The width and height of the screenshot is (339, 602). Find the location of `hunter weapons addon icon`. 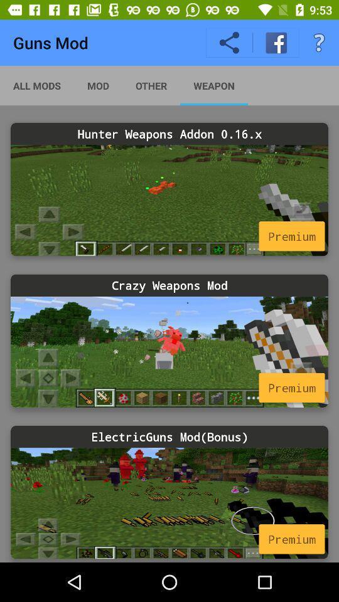

hunter weapons addon icon is located at coordinates (169, 134).